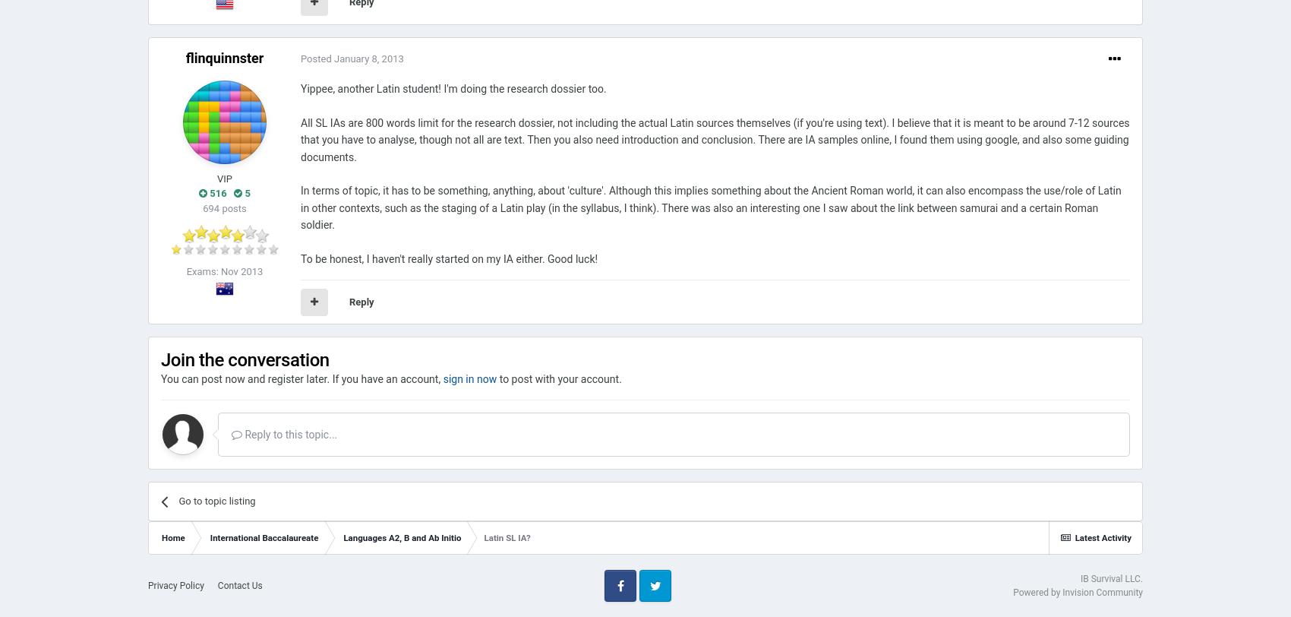 The image size is (1291, 617). What do you see at coordinates (175, 585) in the screenshot?
I see `'Privacy Policy'` at bounding box center [175, 585].